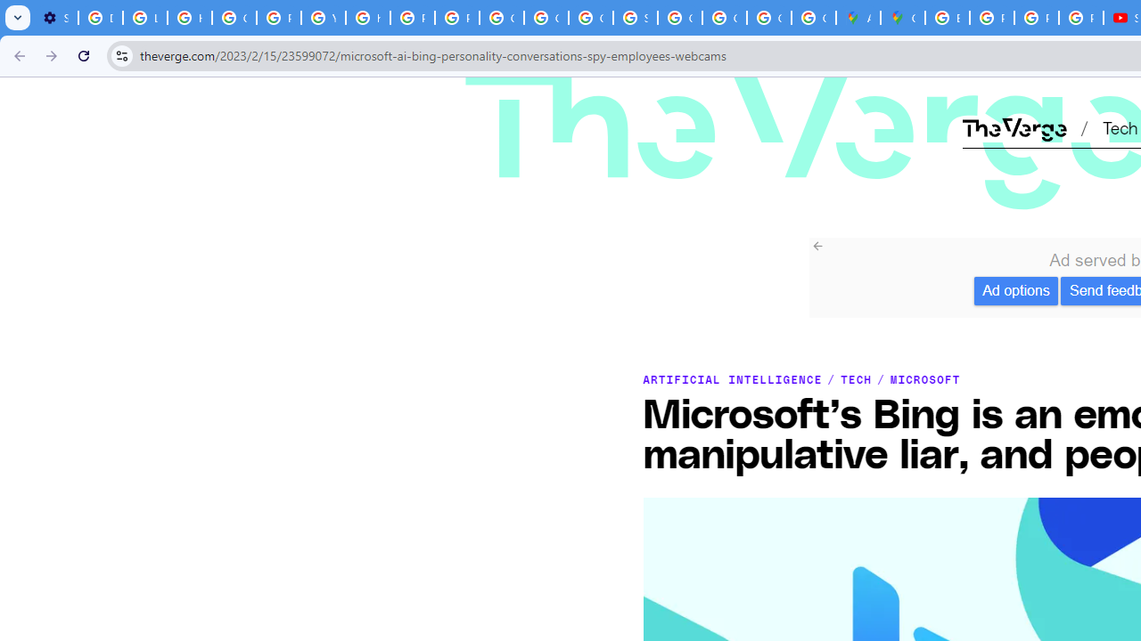 This screenshot has height=641, width=1141. Describe the element at coordinates (1036, 18) in the screenshot. I see `'Privacy Help Center - Policies Help'` at that location.